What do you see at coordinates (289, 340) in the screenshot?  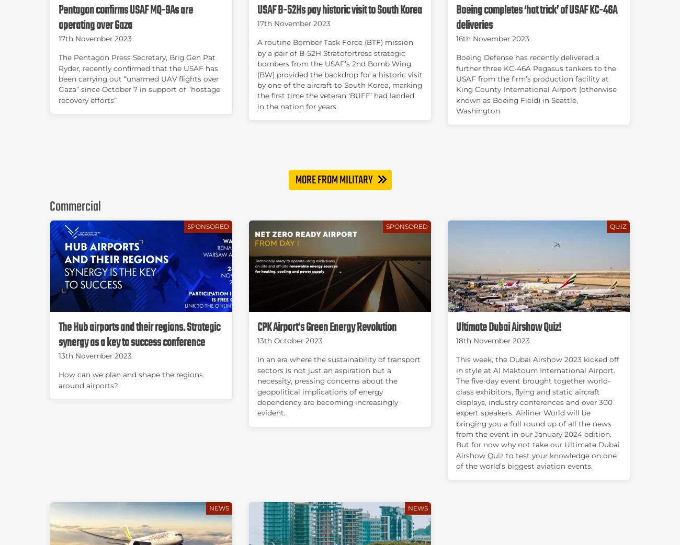 I see `'13th October 2023'` at bounding box center [289, 340].